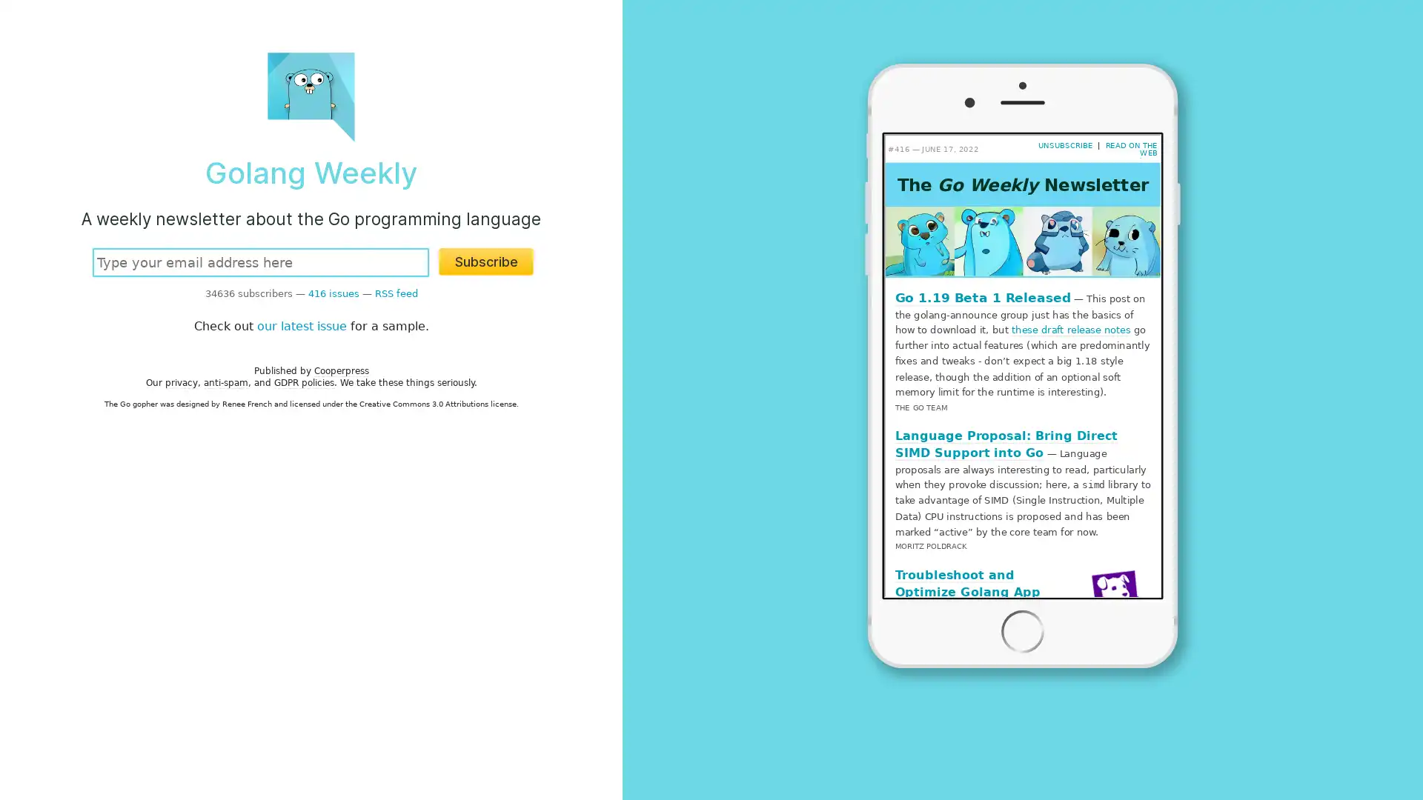 The image size is (1423, 800). What do you see at coordinates (486, 260) in the screenshot?
I see `Subscribe` at bounding box center [486, 260].